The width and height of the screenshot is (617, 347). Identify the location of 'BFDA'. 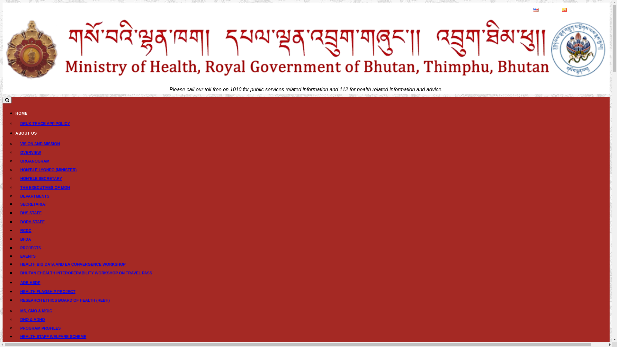
(28, 239).